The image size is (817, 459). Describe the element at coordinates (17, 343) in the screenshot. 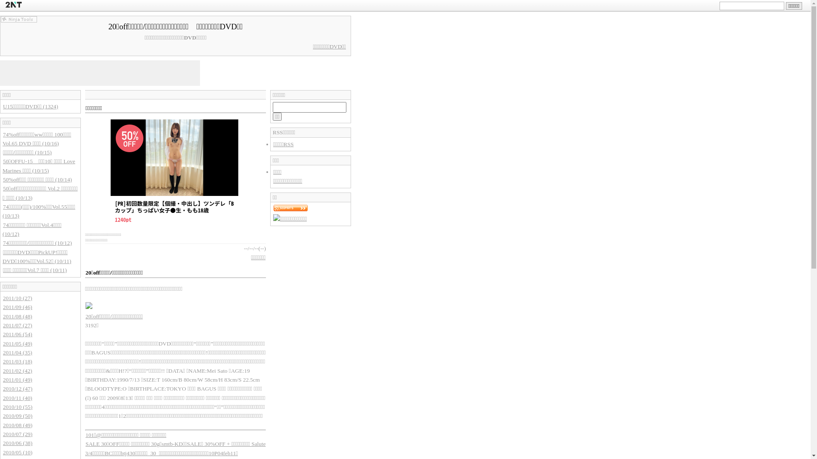

I see `'2011/05 (49)'` at that location.